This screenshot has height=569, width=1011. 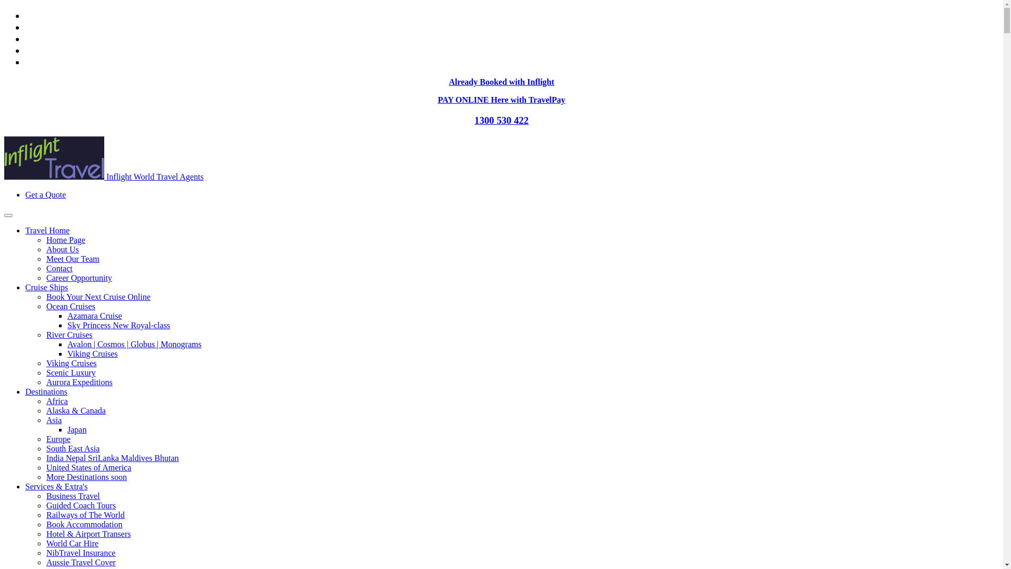 I want to click on 'Get a Quote', so click(x=45, y=194).